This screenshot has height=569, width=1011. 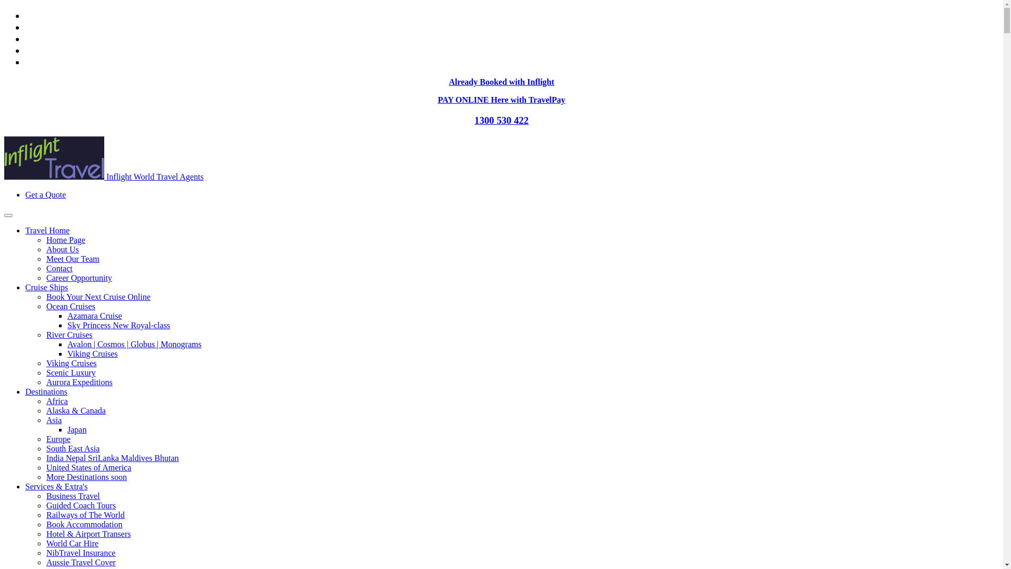 I want to click on 'Get a Quote', so click(x=45, y=194).